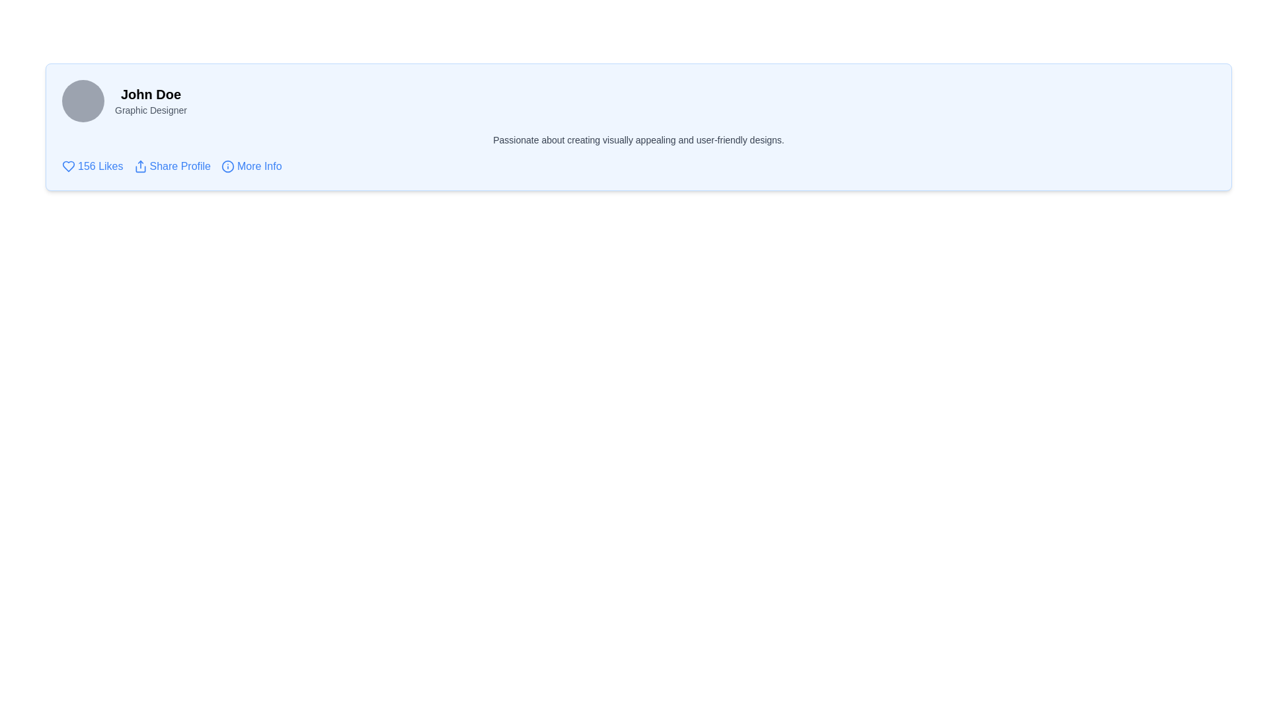 The height and width of the screenshot is (714, 1269). What do you see at coordinates (151, 109) in the screenshot?
I see `the static text label displaying 'Graphic Designer' located directly below 'John Doe' in the user profile section` at bounding box center [151, 109].